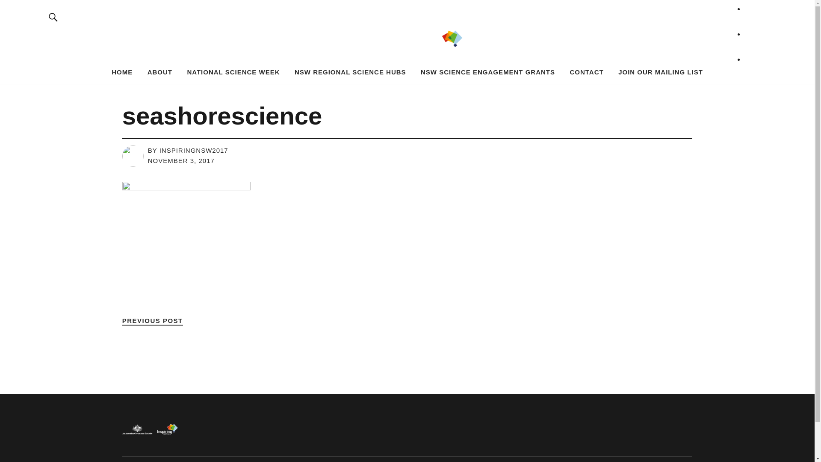  Describe the element at coordinates (111, 71) in the screenshot. I see `'HOME'` at that location.